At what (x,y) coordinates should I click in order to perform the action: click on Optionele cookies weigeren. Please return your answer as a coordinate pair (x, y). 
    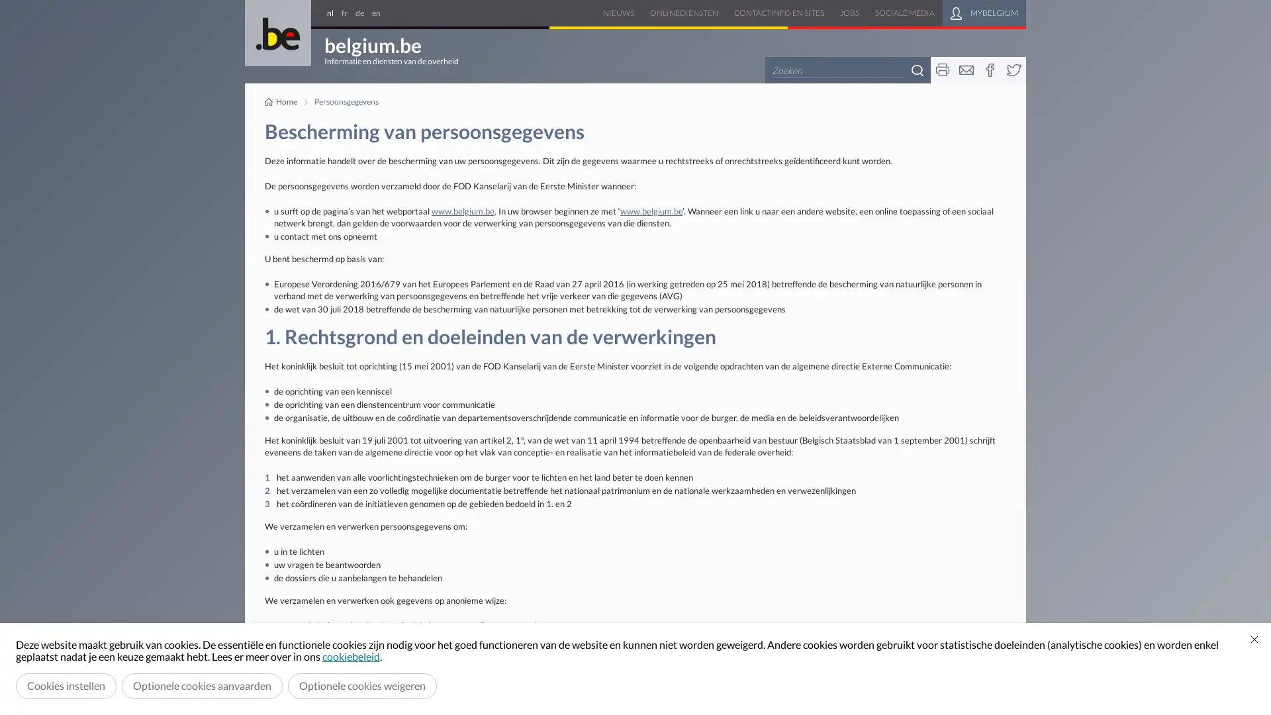
    Looking at the image, I should click on (362, 685).